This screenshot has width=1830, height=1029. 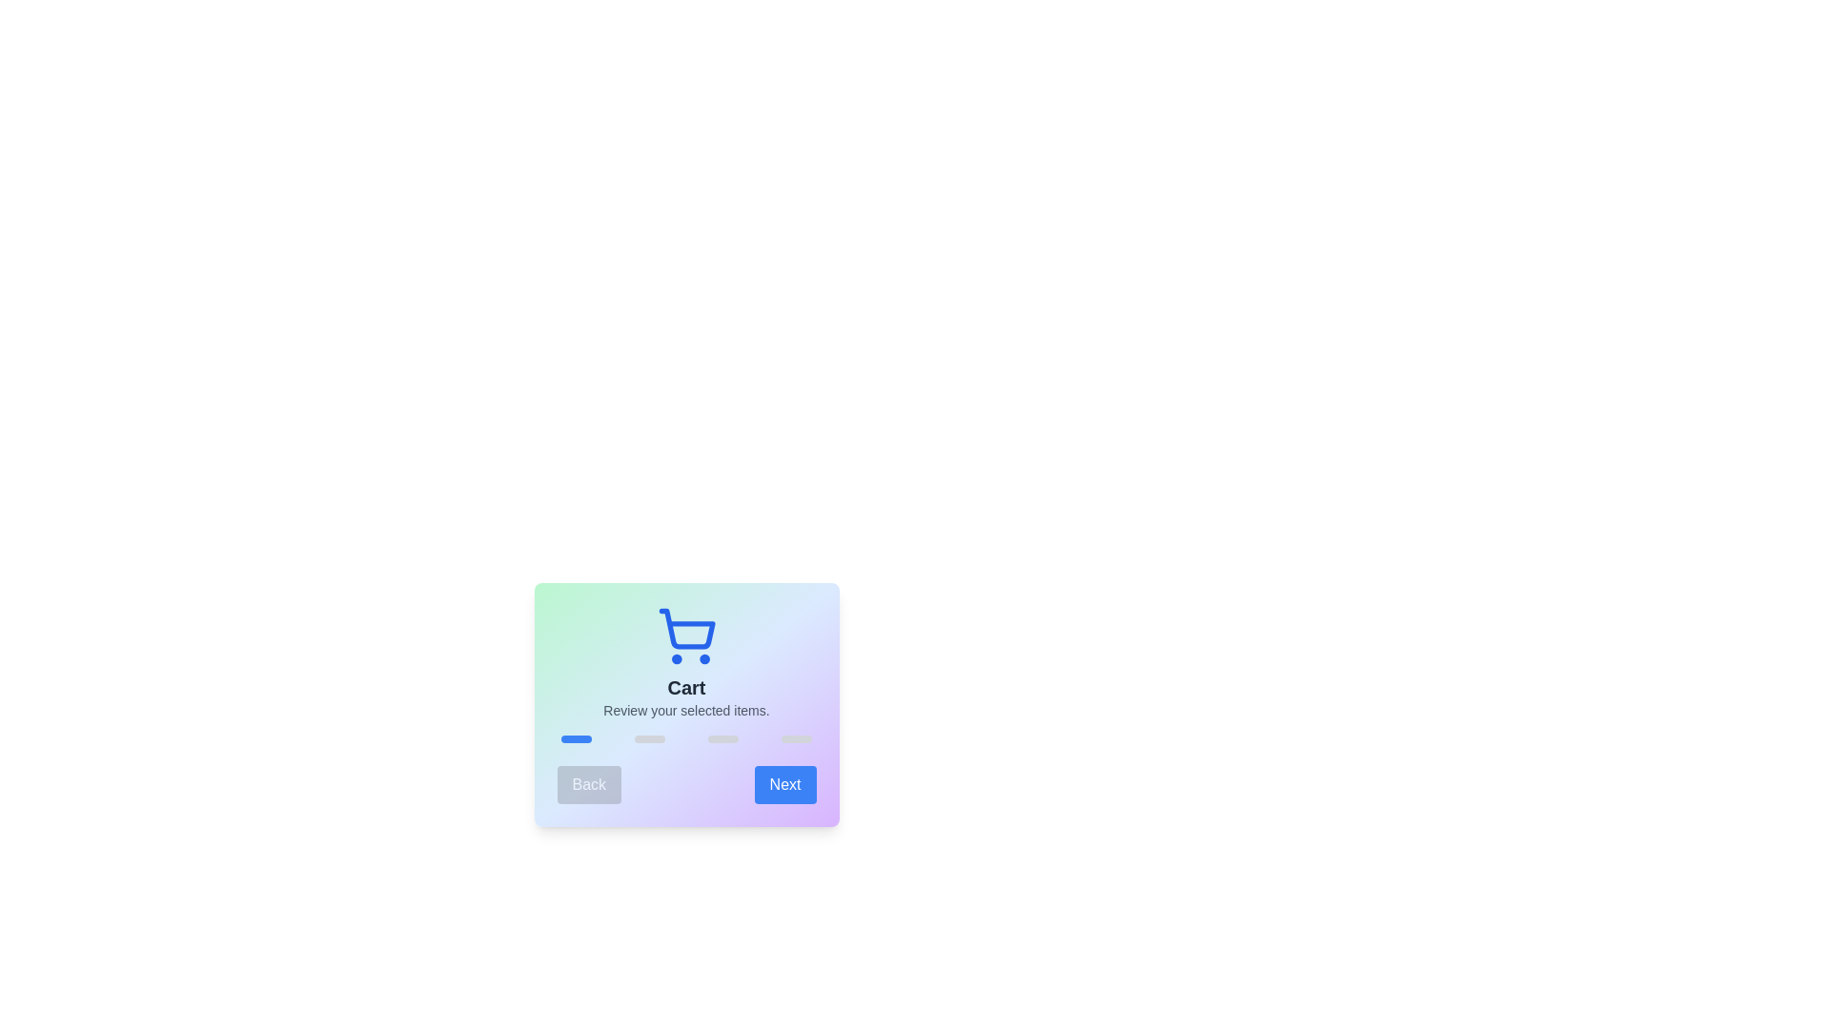 What do you see at coordinates (588, 785) in the screenshot?
I see `'Back' button to navigate to the previous step` at bounding box center [588, 785].